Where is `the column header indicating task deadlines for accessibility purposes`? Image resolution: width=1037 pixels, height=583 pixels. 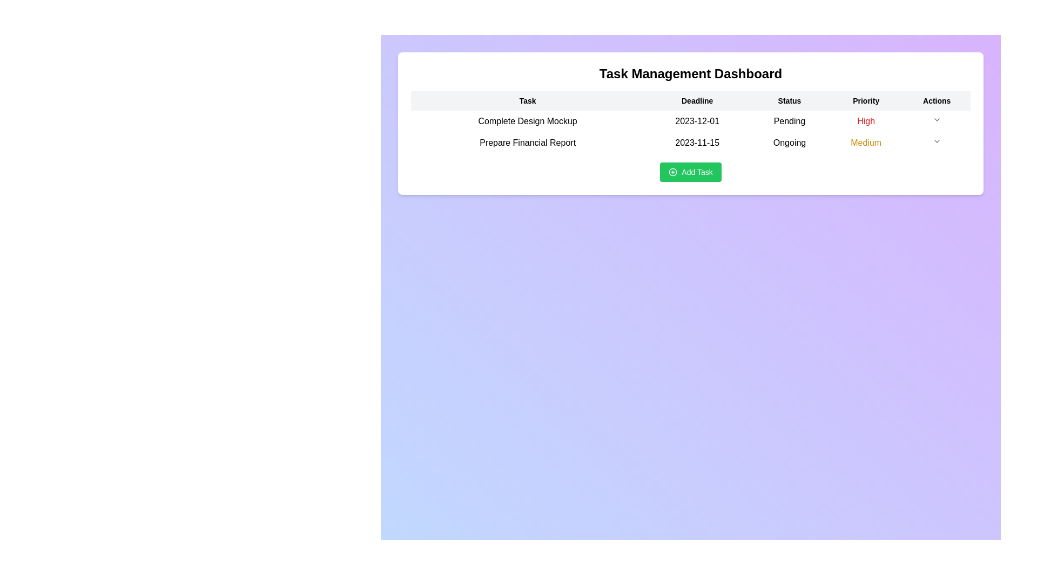
the column header indicating task deadlines for accessibility purposes is located at coordinates (697, 100).